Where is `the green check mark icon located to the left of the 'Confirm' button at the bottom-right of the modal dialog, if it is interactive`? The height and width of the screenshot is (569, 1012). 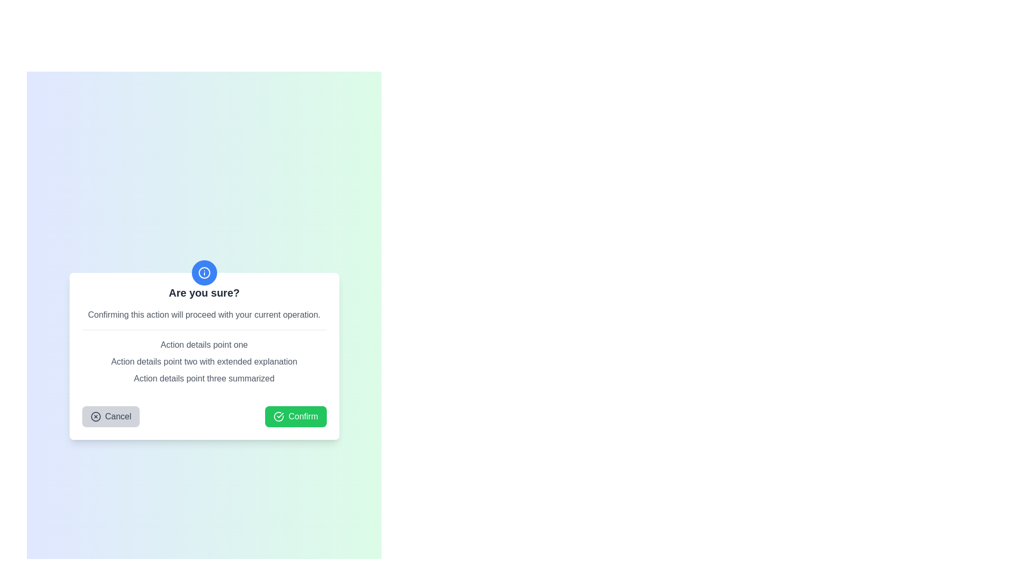 the green check mark icon located to the left of the 'Confirm' button at the bottom-right of the modal dialog, if it is interactive is located at coordinates (279, 416).